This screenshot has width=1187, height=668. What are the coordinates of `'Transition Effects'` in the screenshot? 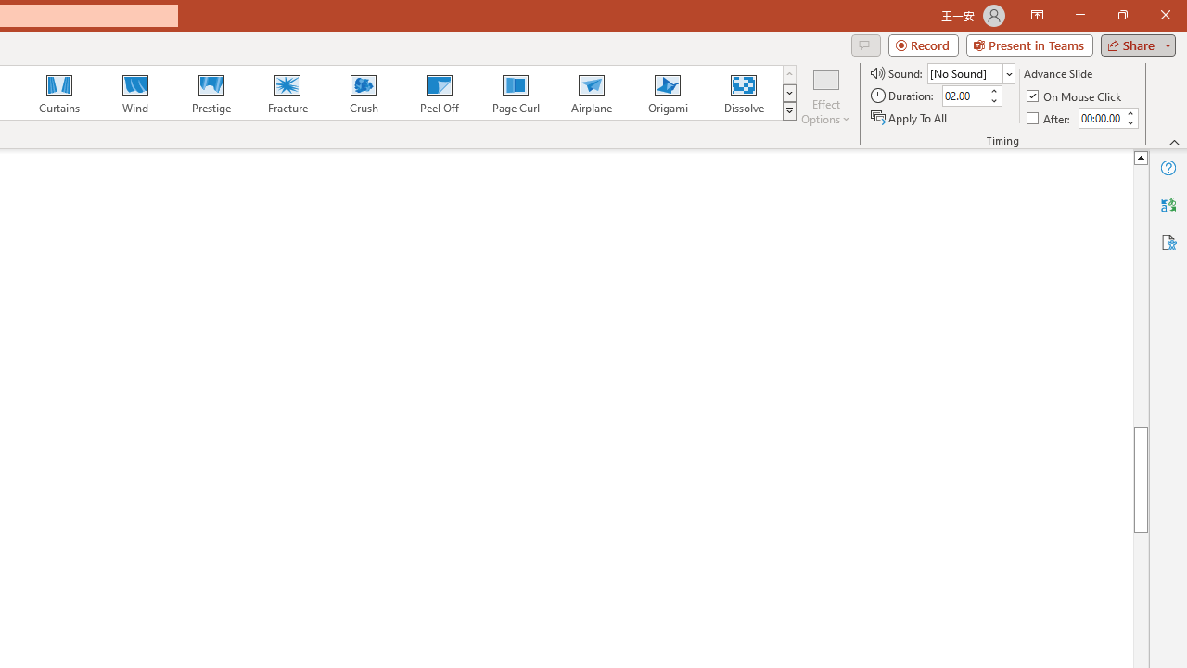 It's located at (789, 111).